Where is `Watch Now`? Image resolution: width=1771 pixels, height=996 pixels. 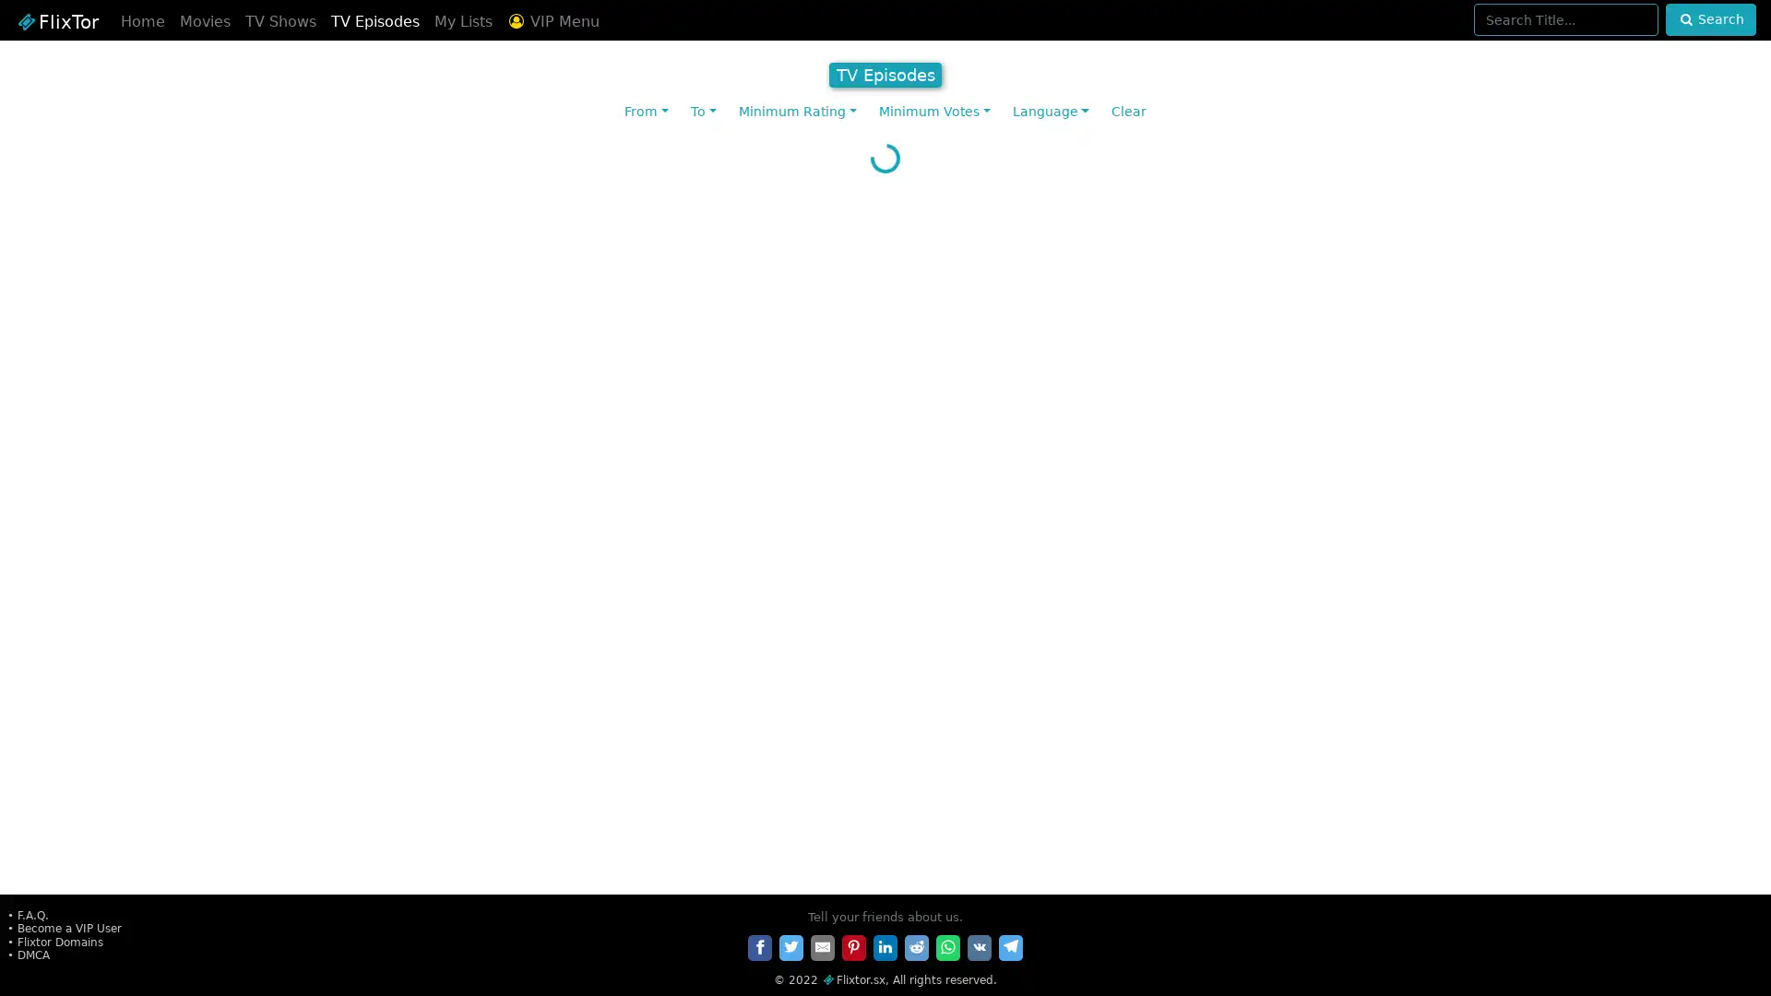 Watch Now is located at coordinates (146, 871).